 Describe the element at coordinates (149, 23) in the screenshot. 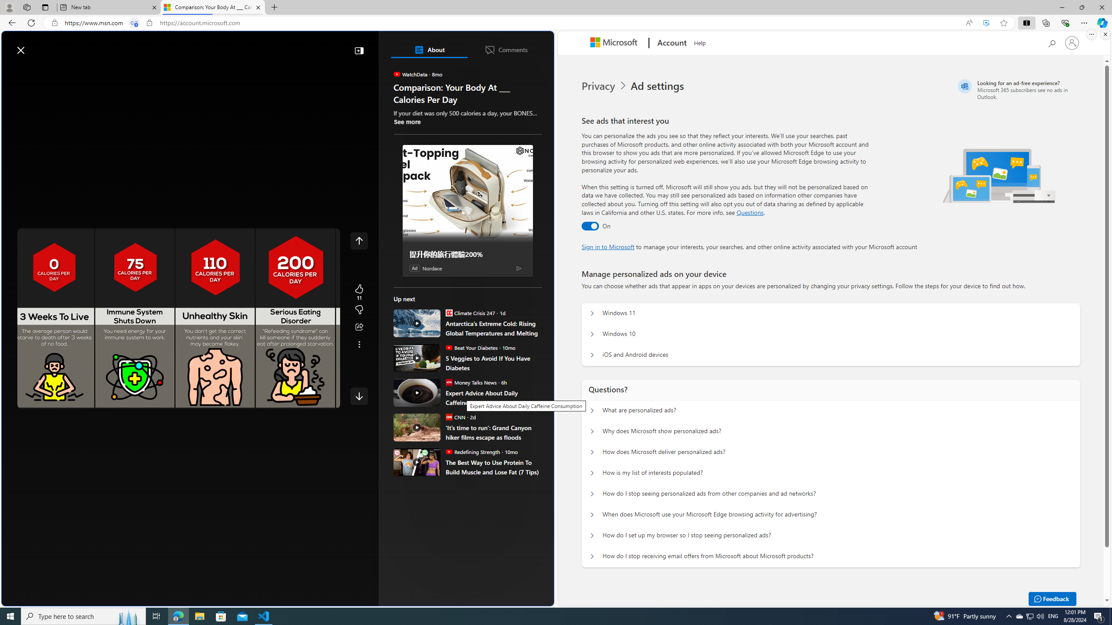

I see `'View site information'` at that location.